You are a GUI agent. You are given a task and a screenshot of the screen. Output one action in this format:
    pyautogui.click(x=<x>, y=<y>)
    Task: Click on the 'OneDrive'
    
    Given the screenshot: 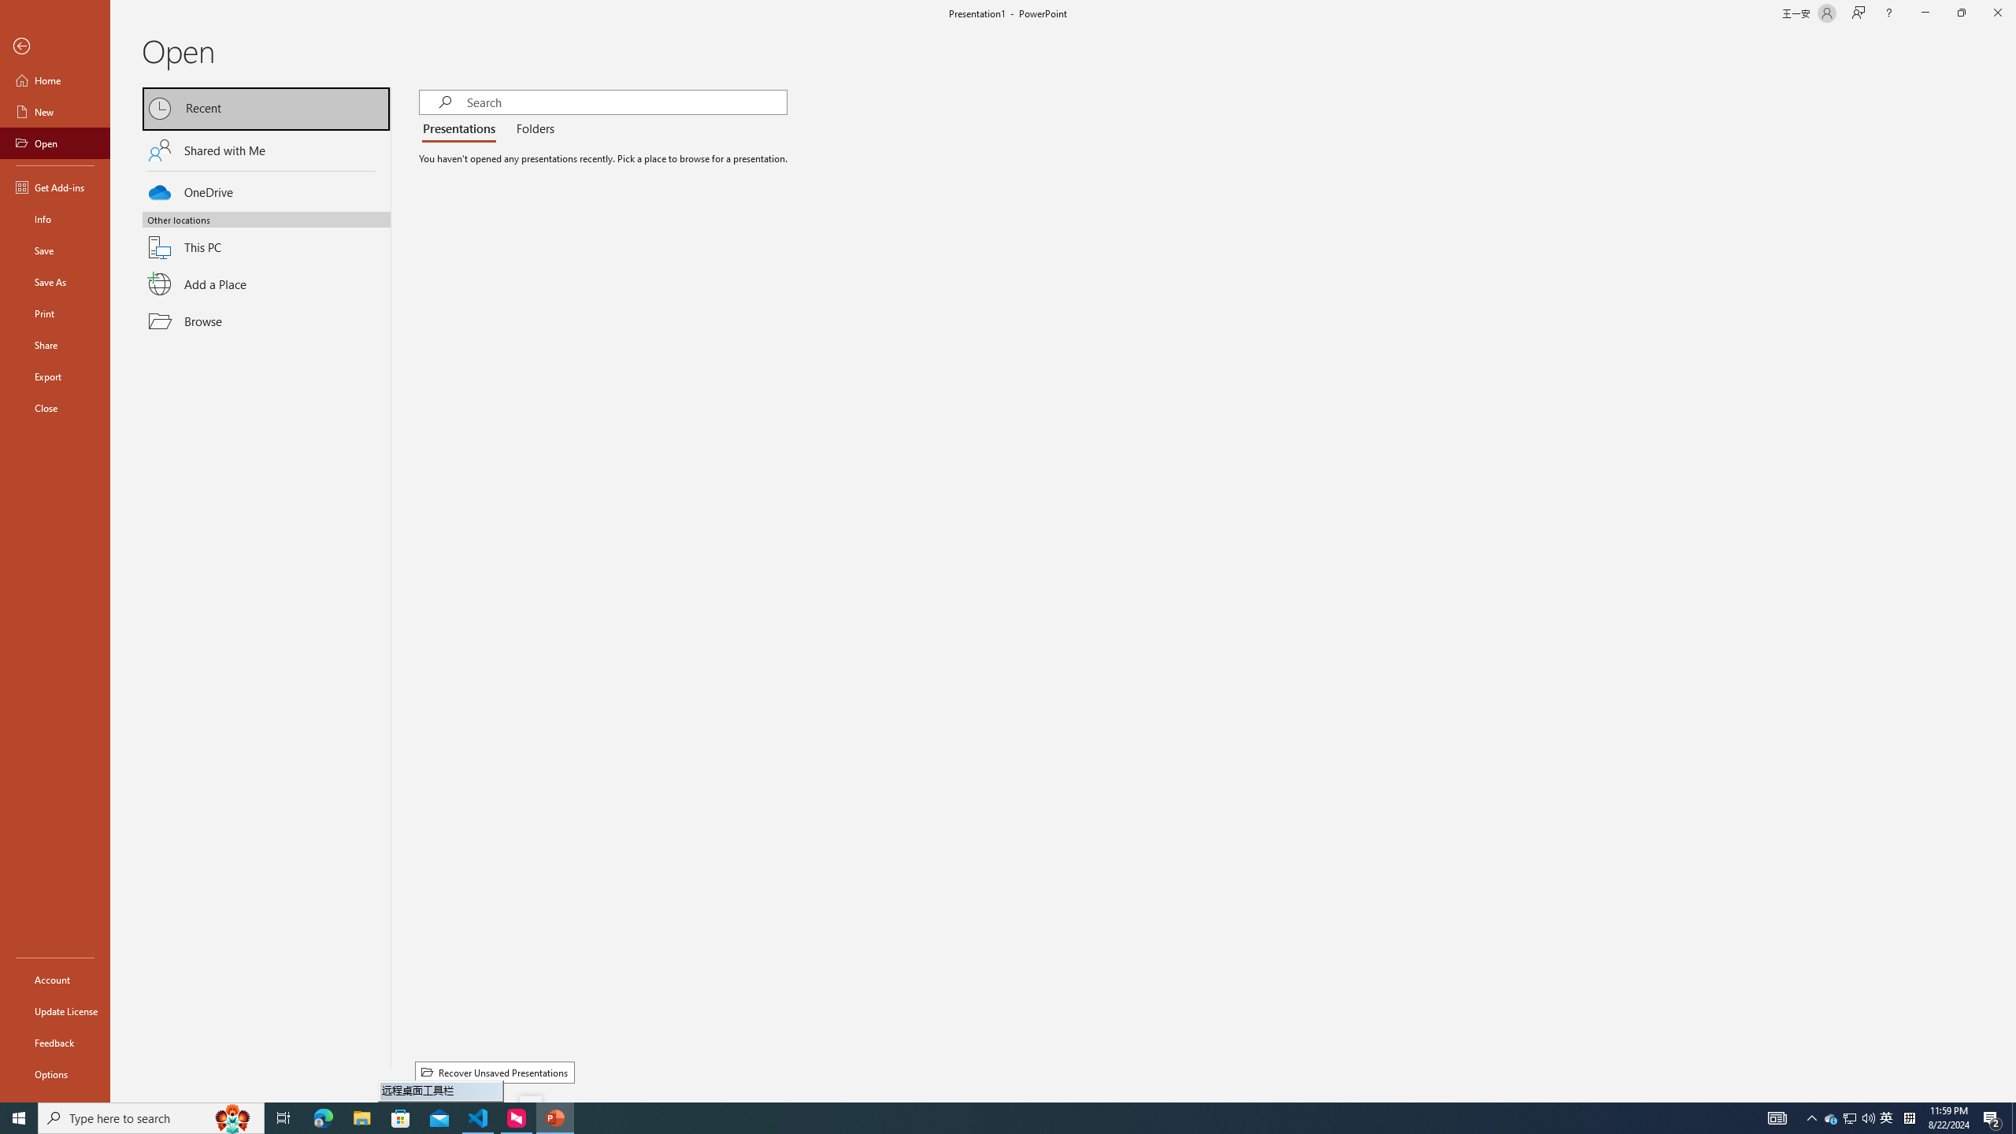 What is the action you would take?
    pyautogui.click(x=266, y=190)
    